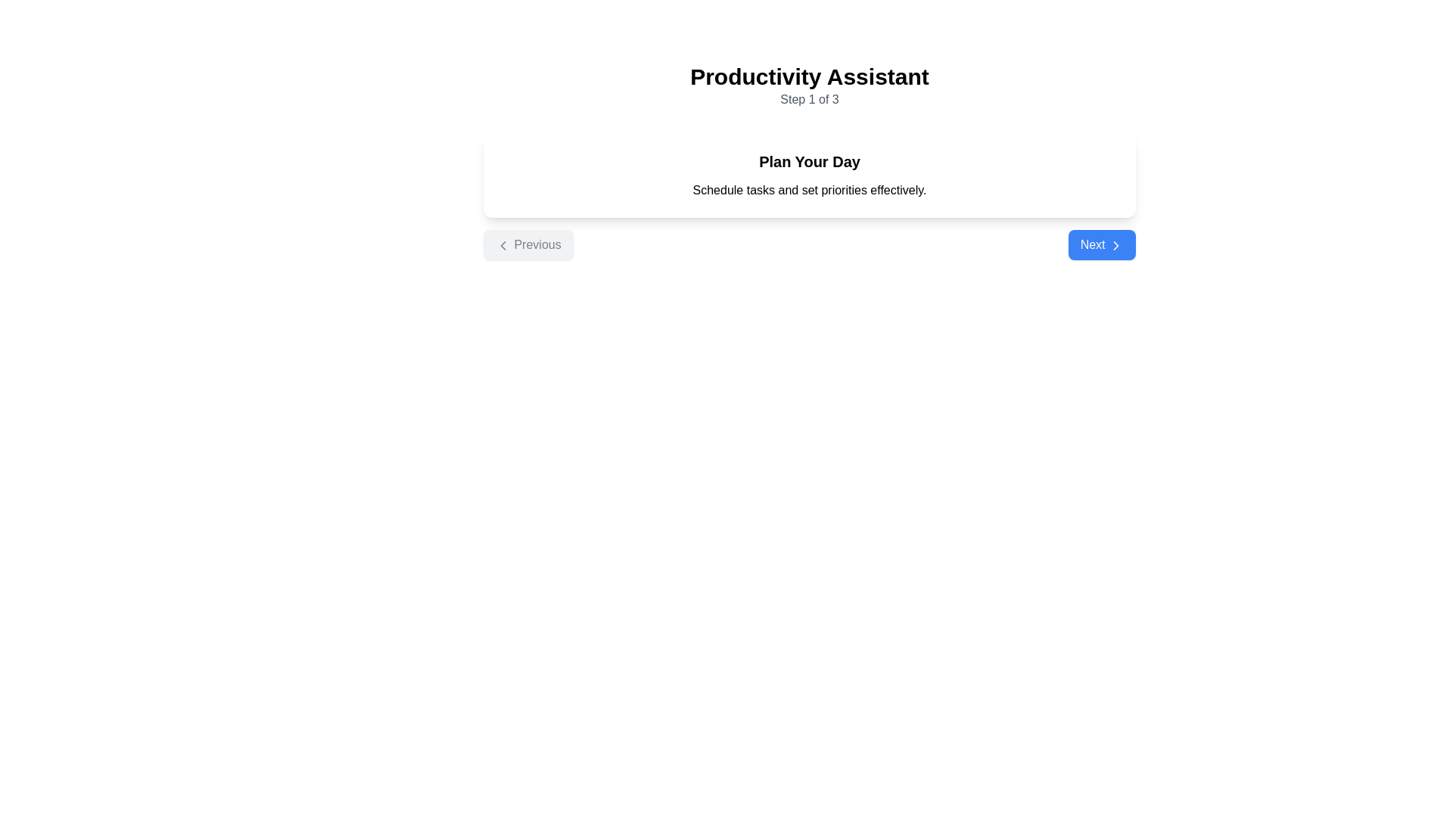 The image size is (1453, 817). What do you see at coordinates (1102, 244) in the screenshot?
I see `the 'Next' button with a blue background and white text to move to the next step` at bounding box center [1102, 244].